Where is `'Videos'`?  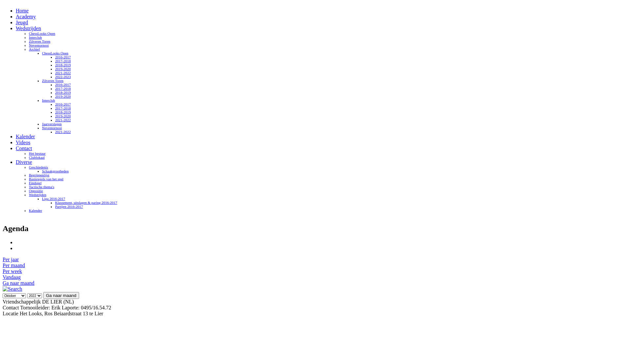 'Videos' is located at coordinates (23, 142).